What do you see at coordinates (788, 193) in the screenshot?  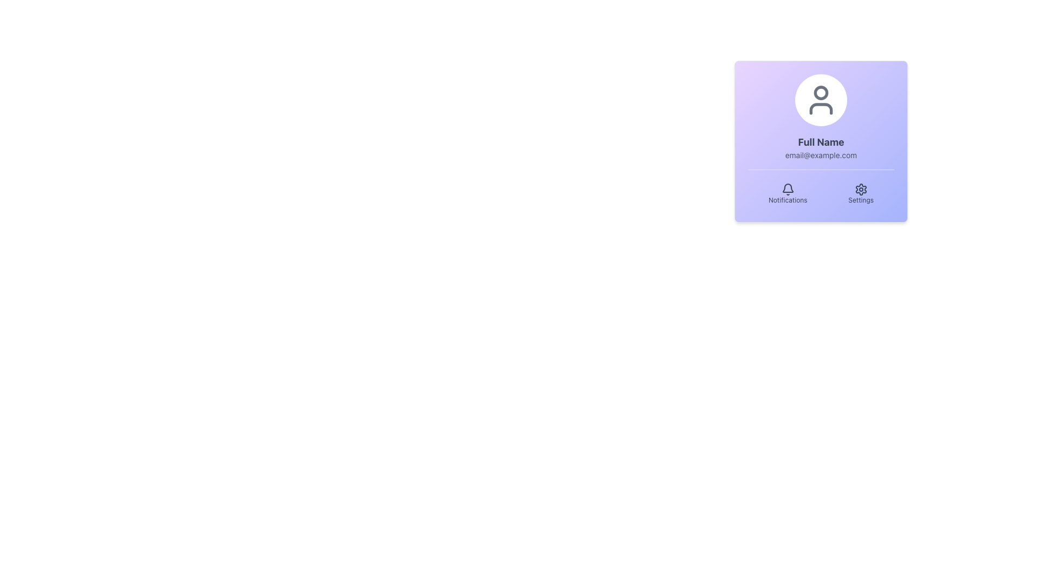 I see `the 'Notifications' button with a bell icon located at the bottom left of the user information area` at bounding box center [788, 193].